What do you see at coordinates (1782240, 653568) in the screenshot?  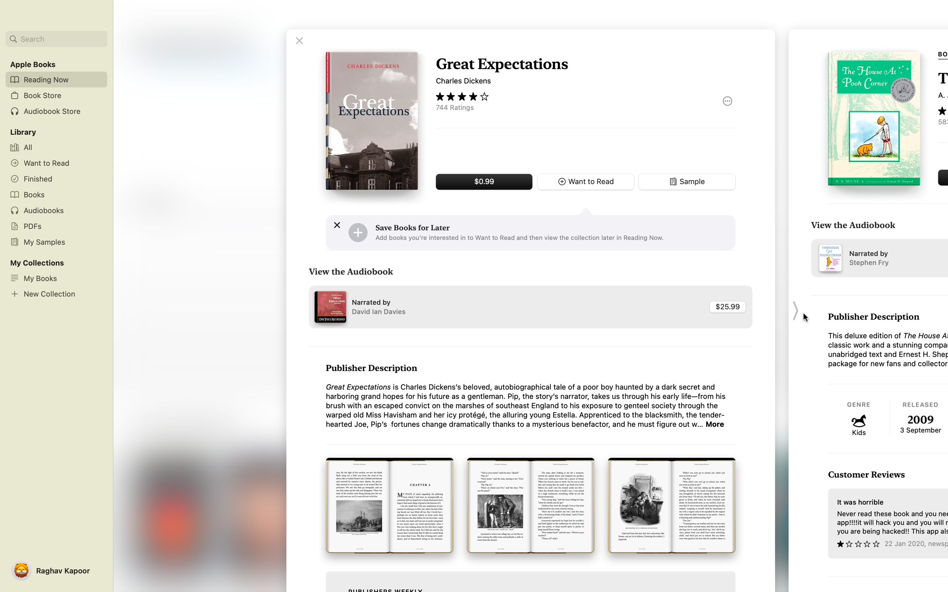 I see `Glide down the page to see the book"s table of contents` at bounding box center [1782240, 653568].